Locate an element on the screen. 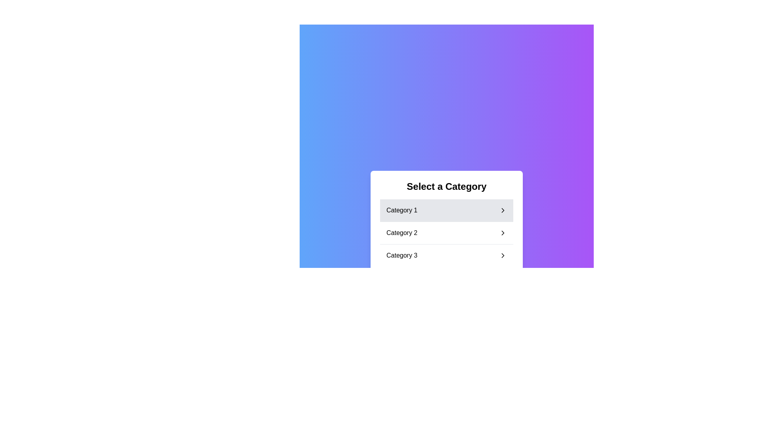  the label that displays 'Category 1', which is positioned in the first row of a vertical list is located at coordinates (402, 210).